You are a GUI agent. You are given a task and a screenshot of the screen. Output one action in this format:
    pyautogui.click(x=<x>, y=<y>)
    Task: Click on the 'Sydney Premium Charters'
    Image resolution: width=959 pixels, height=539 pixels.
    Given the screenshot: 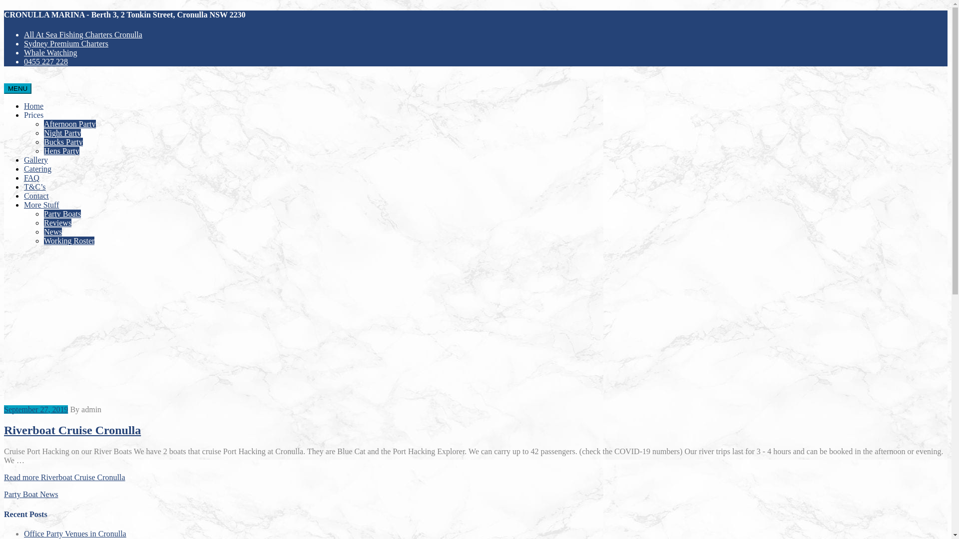 What is the action you would take?
    pyautogui.click(x=65, y=43)
    